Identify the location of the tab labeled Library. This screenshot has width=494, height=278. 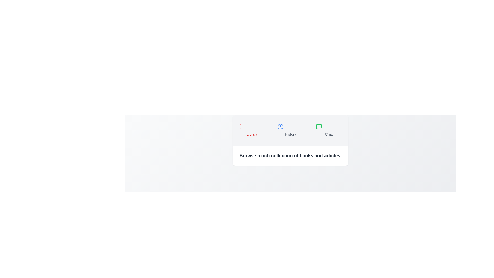
(252, 130).